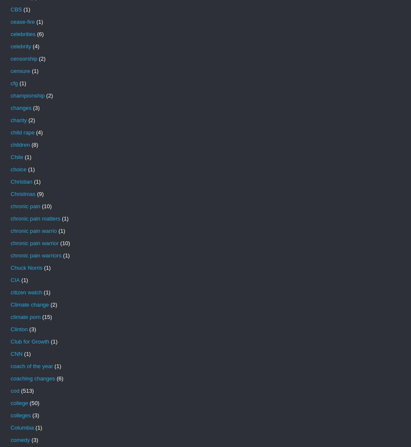 This screenshot has width=411, height=447. What do you see at coordinates (17, 156) in the screenshot?
I see `'Chile'` at bounding box center [17, 156].